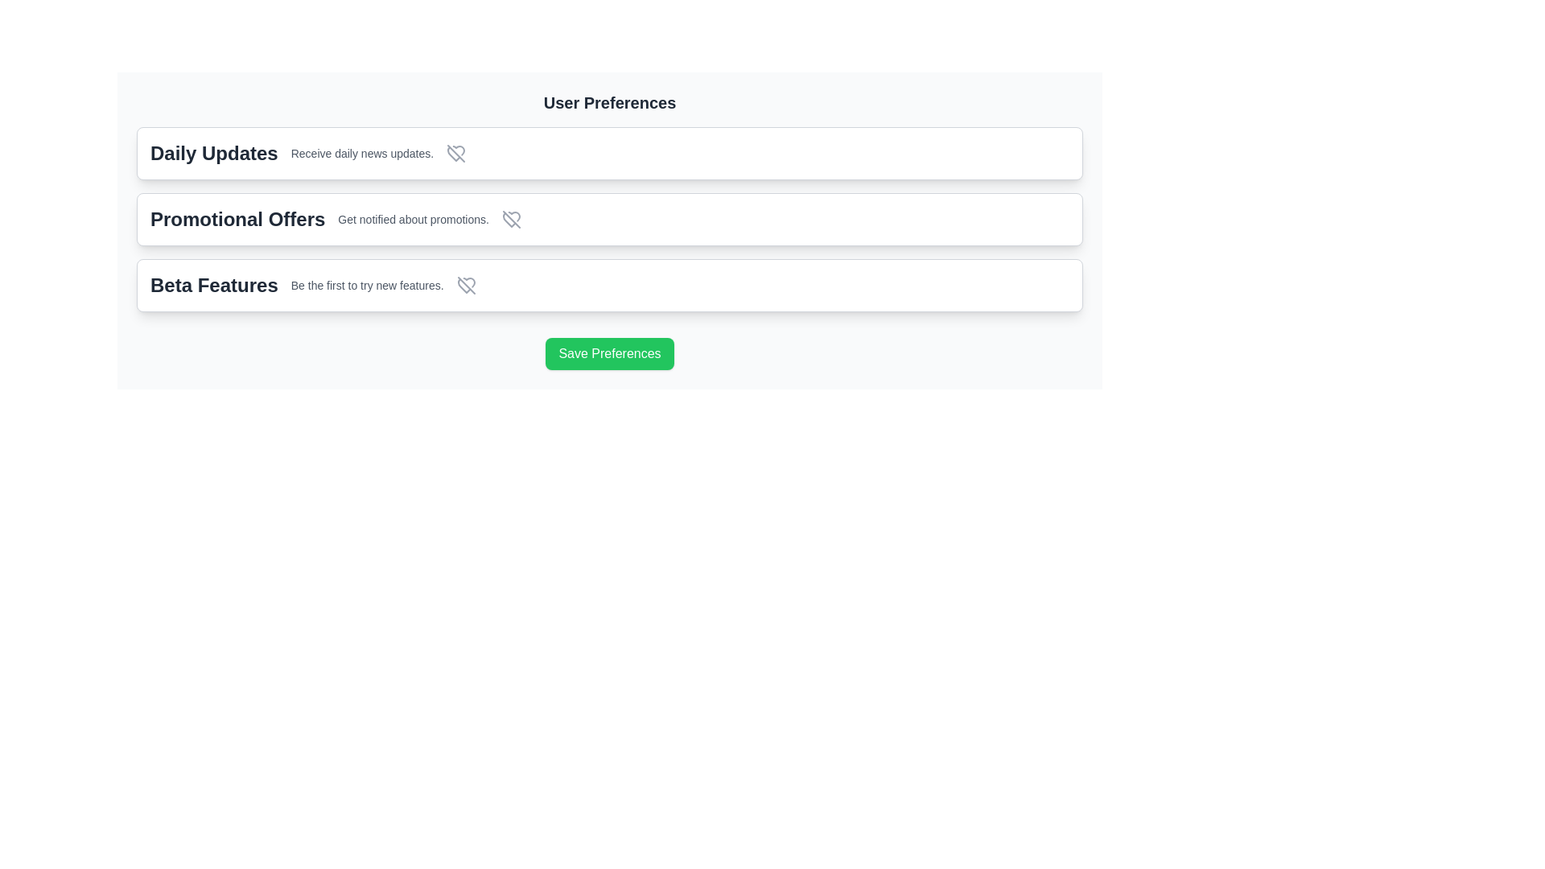  I want to click on the crossed-out heart icon indicating deactivation or exclusion in the 'Promotional Offers' list item, located to the right of 'Get notified about promotions.', so click(510, 220).